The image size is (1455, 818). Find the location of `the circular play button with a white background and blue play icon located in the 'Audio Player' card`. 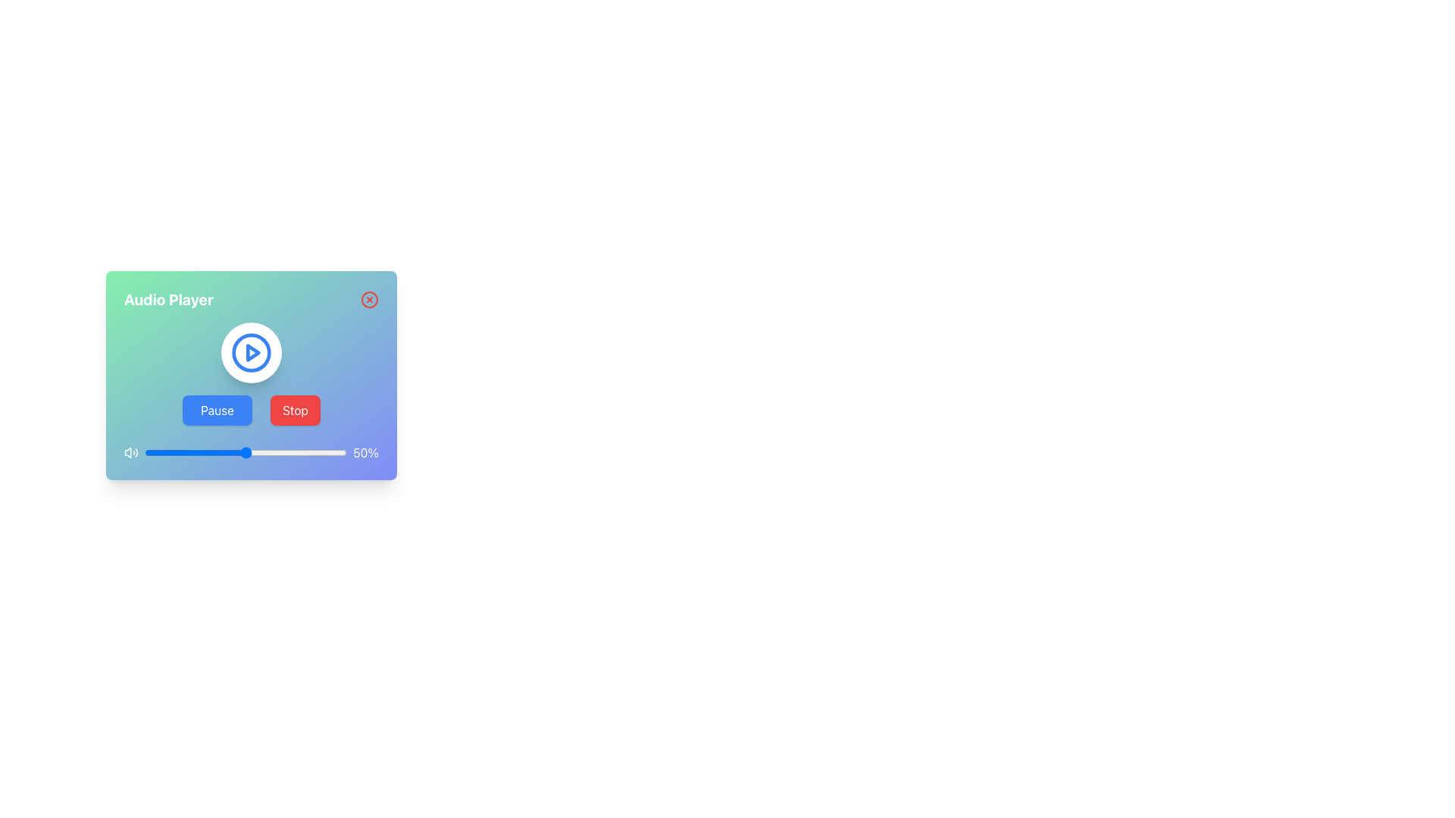

the circular play button with a white background and blue play icon located in the 'Audio Player' card is located at coordinates (251, 353).